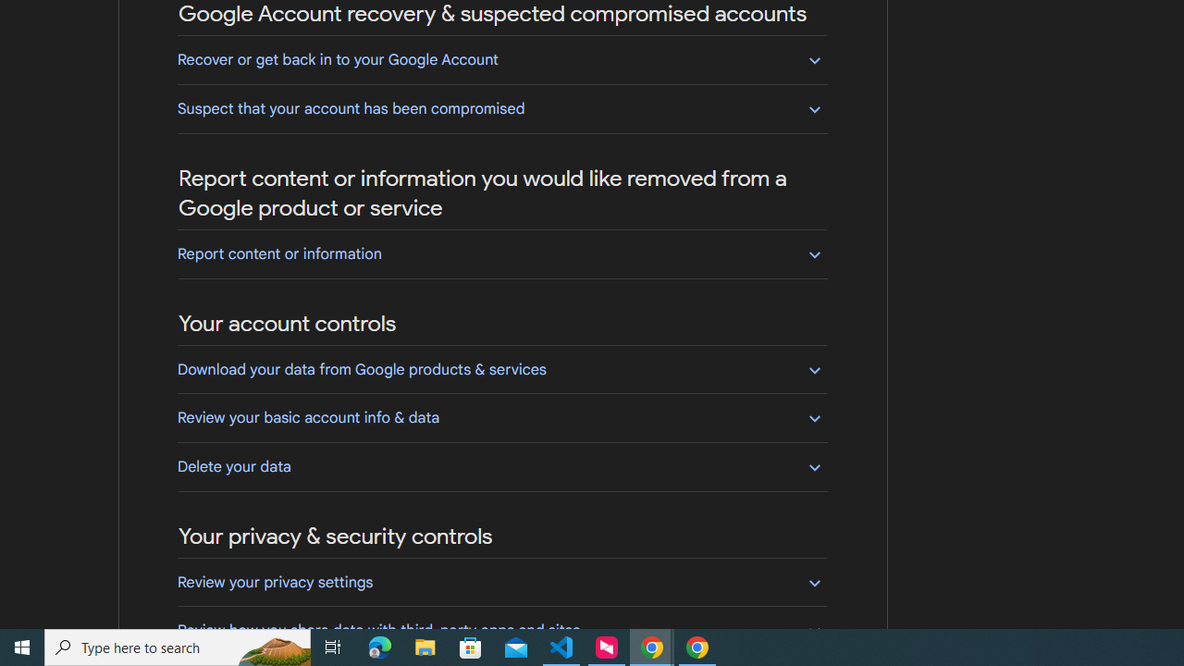 This screenshot has height=666, width=1184. What do you see at coordinates (501, 581) in the screenshot?
I see `'Review your privacy settings'` at bounding box center [501, 581].